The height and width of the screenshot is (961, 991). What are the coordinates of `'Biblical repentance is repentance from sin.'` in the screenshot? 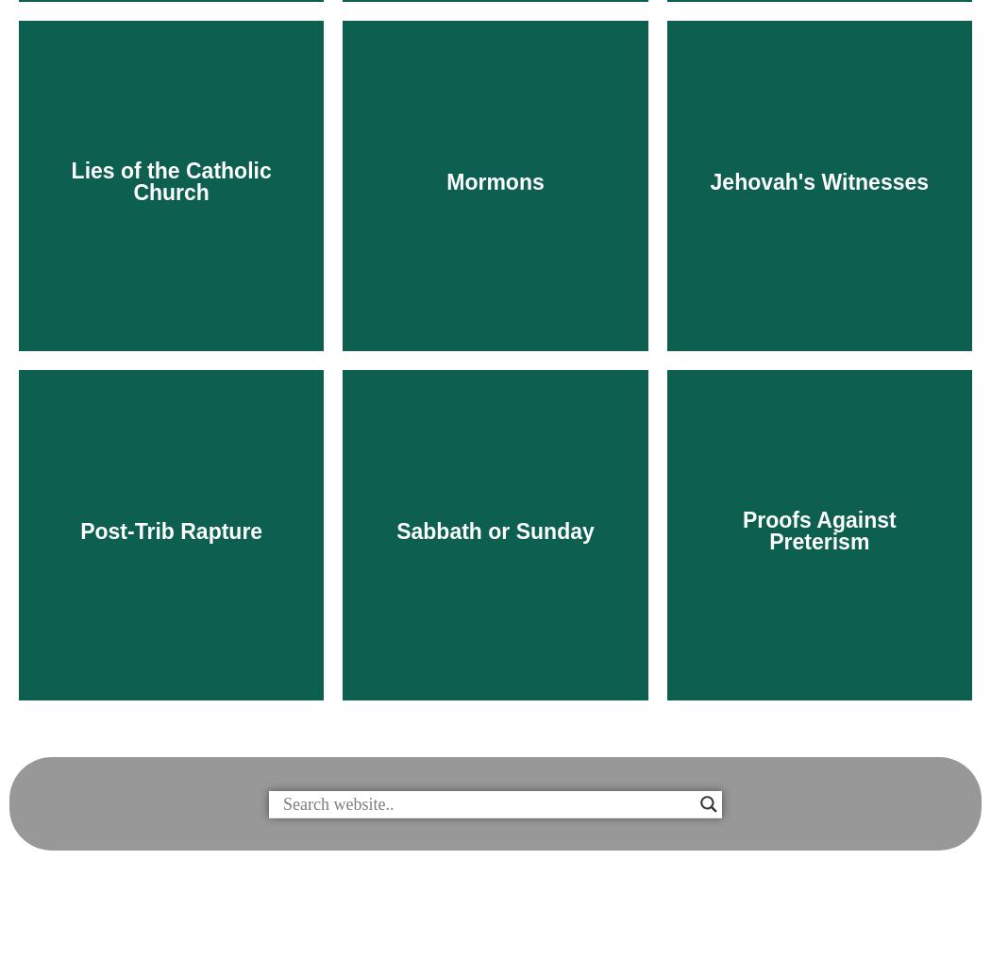 It's located at (699, 157).